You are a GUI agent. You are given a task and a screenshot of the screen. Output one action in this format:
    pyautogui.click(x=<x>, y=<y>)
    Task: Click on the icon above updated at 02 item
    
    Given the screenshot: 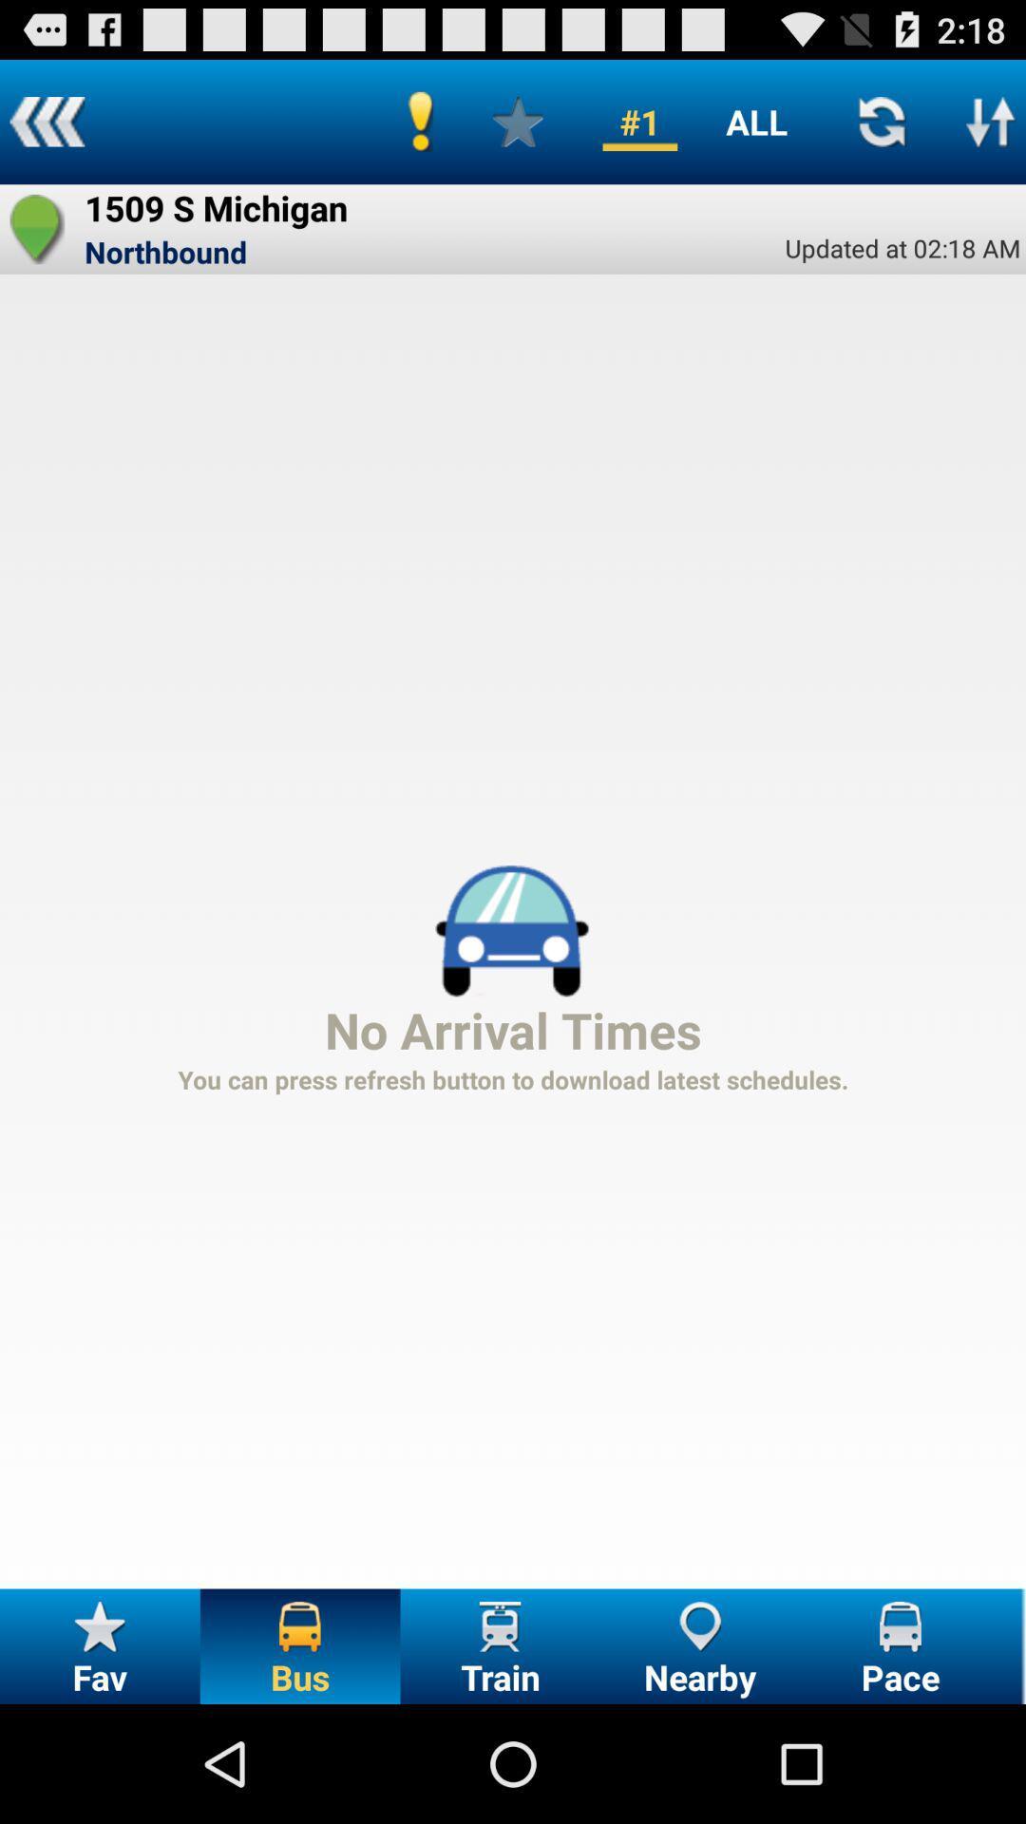 What is the action you would take?
    pyautogui.click(x=990, y=121)
    